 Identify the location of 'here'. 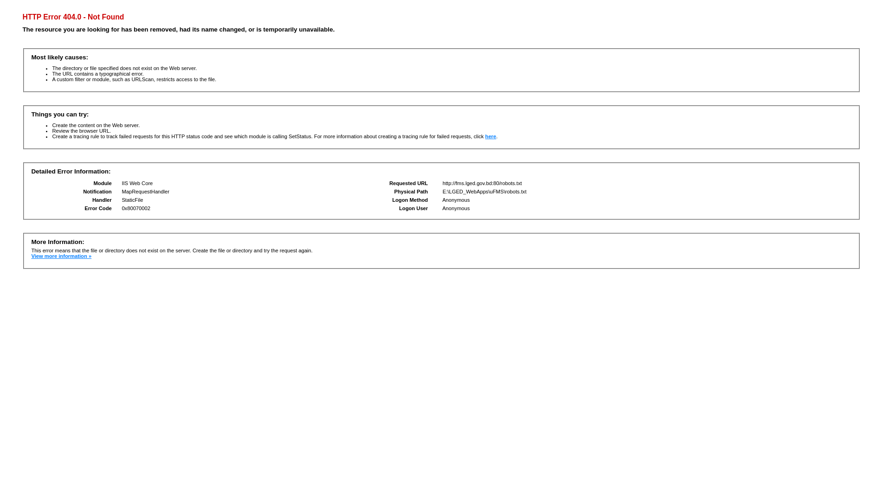
(490, 136).